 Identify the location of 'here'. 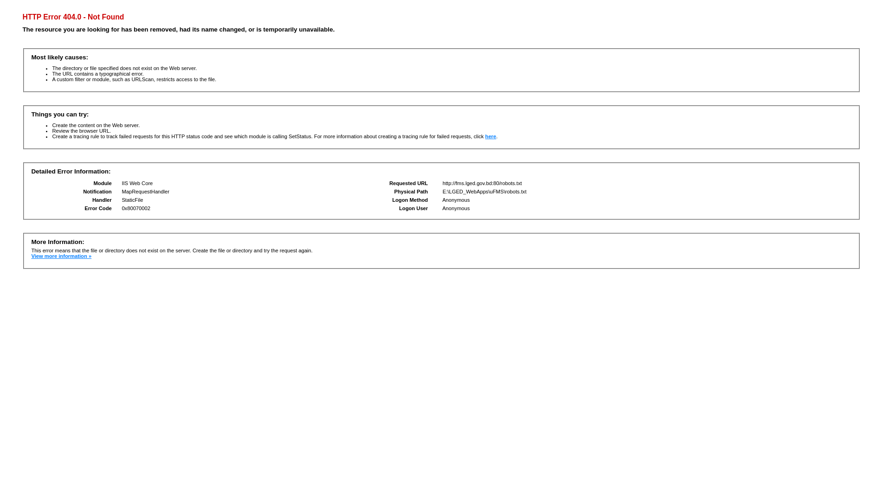
(490, 136).